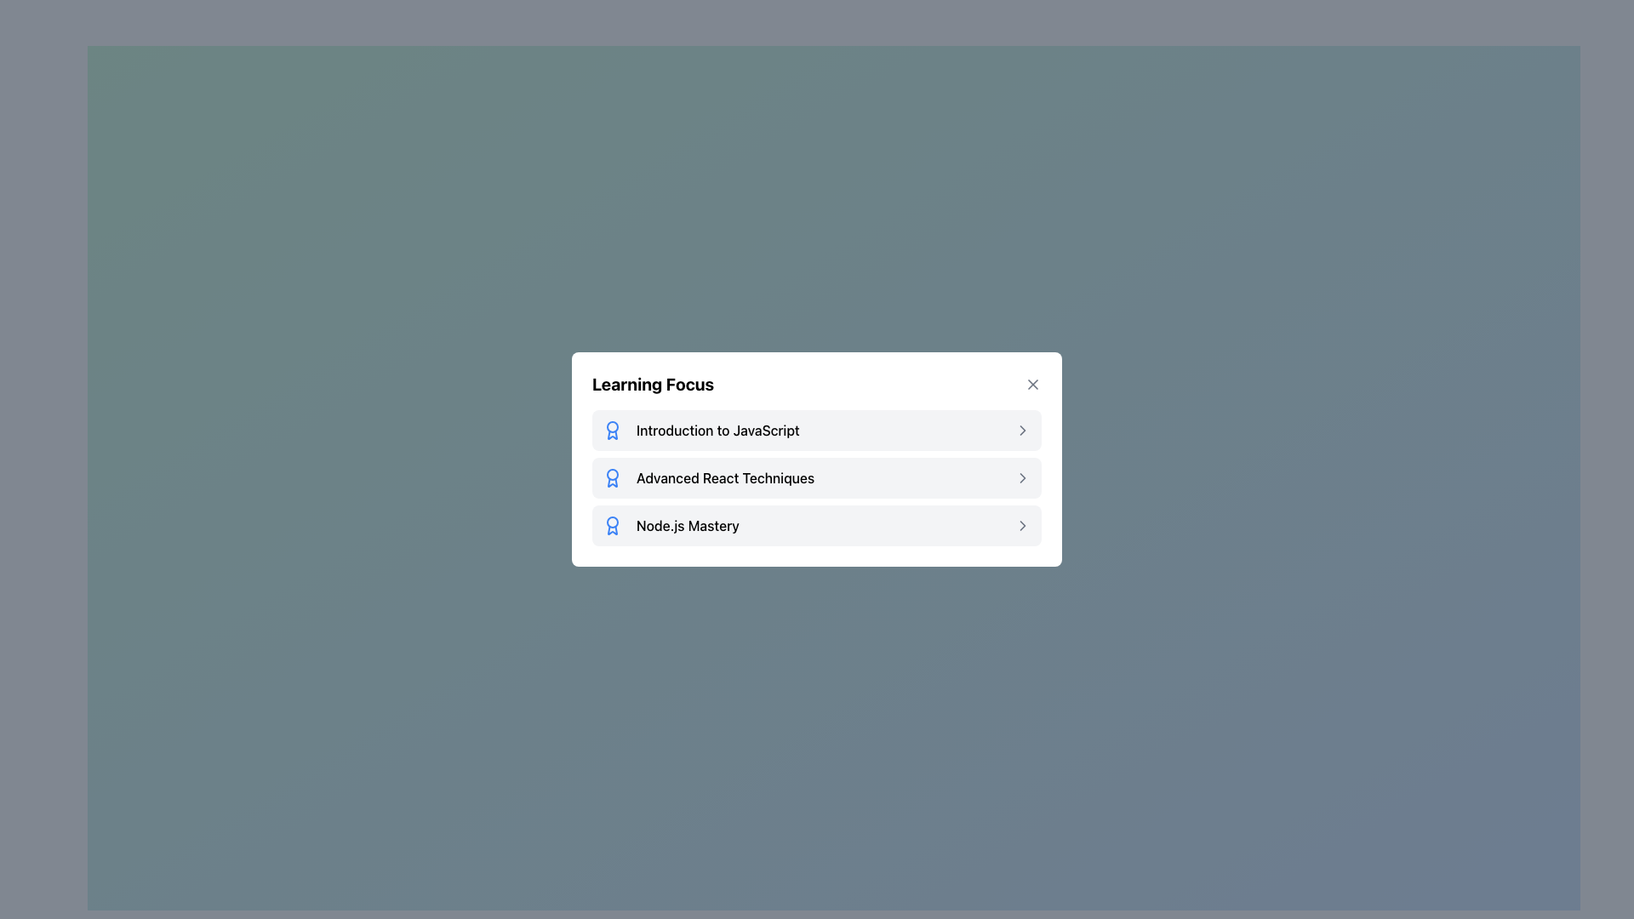 The image size is (1634, 919). Describe the element at coordinates (1021, 478) in the screenshot. I see `the right-pointing gray chevron icon located at the far right of the 'Advanced React Techniques' row` at that location.